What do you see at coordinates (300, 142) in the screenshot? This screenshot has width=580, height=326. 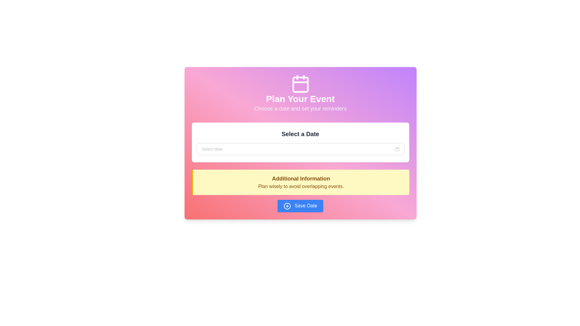 I see `a date from the date-picker input, which has the placeholder 'Select date' and is styled with rounded corners, located centrally in the layout` at bounding box center [300, 142].